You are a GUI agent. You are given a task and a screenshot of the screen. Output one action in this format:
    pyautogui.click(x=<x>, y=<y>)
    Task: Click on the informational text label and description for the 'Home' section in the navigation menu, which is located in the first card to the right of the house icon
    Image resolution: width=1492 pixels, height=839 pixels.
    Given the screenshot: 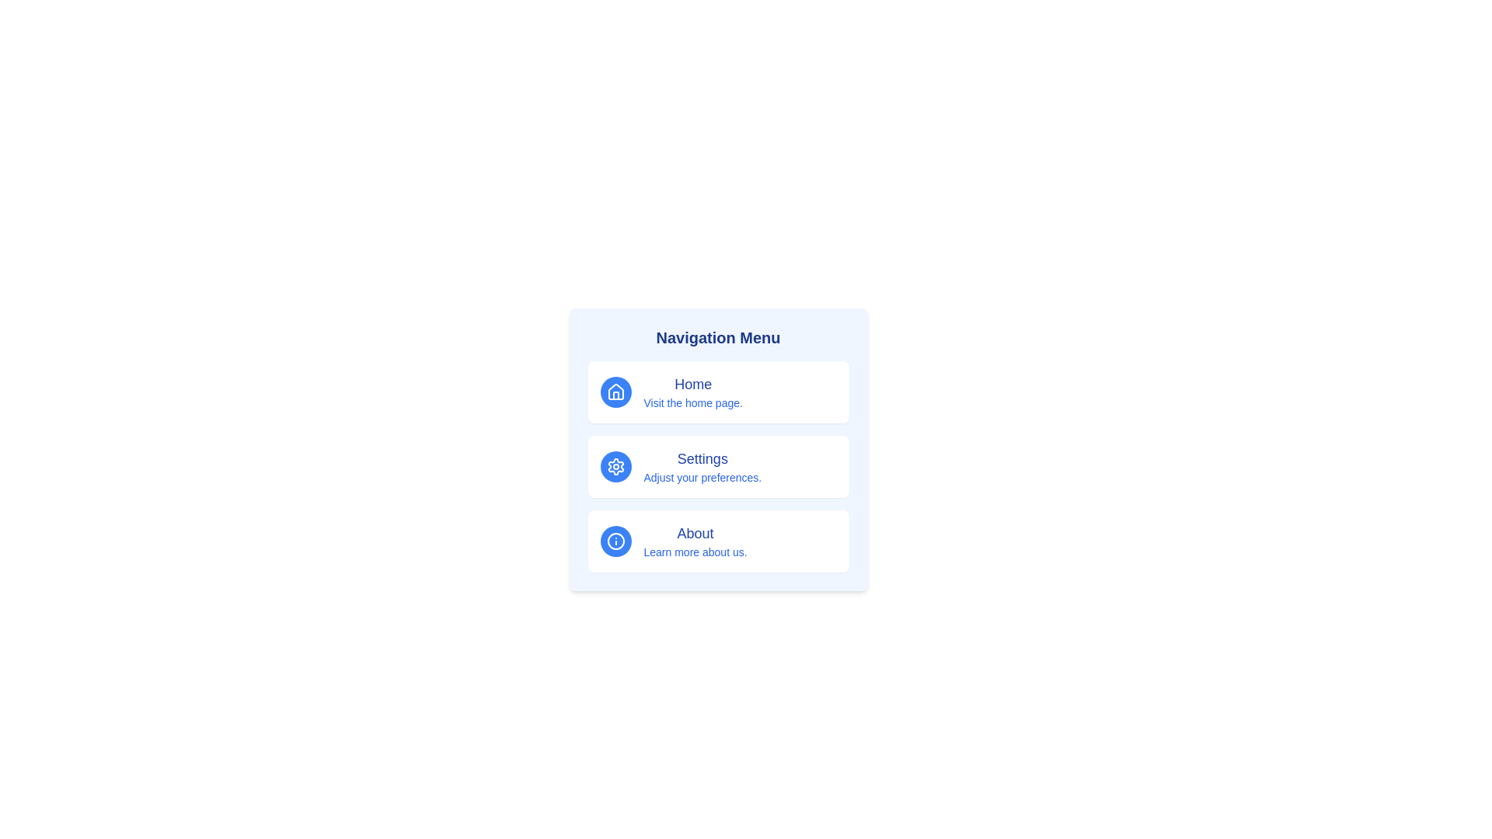 What is the action you would take?
    pyautogui.click(x=692, y=392)
    